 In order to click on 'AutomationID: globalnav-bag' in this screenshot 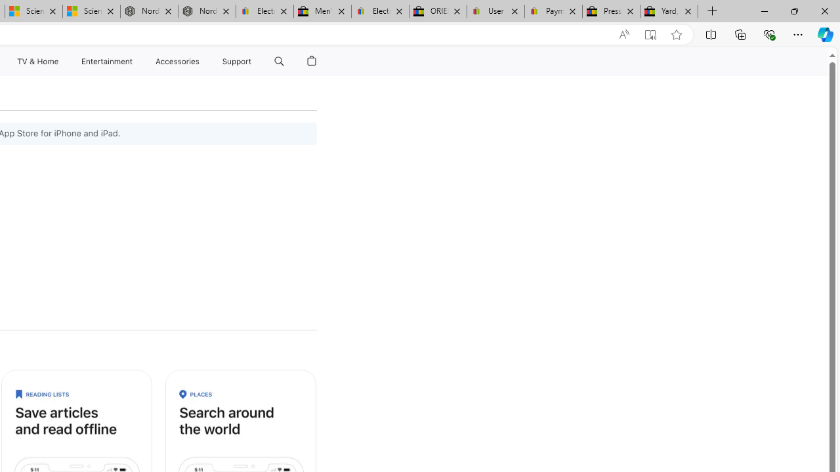, I will do `click(311, 61)`.